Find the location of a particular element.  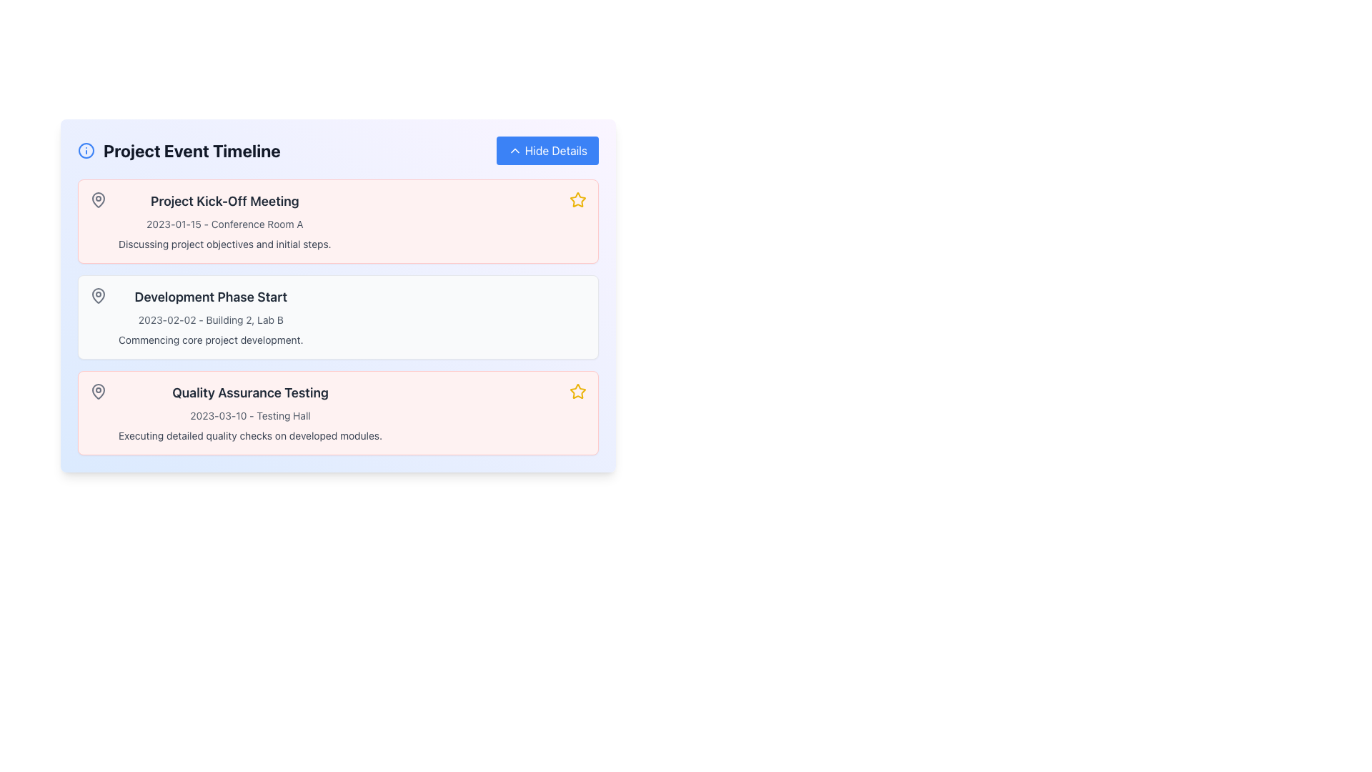

the chevron icon located within the blue 'Hide Details' button at the top right section of the interface is located at coordinates (514, 151).